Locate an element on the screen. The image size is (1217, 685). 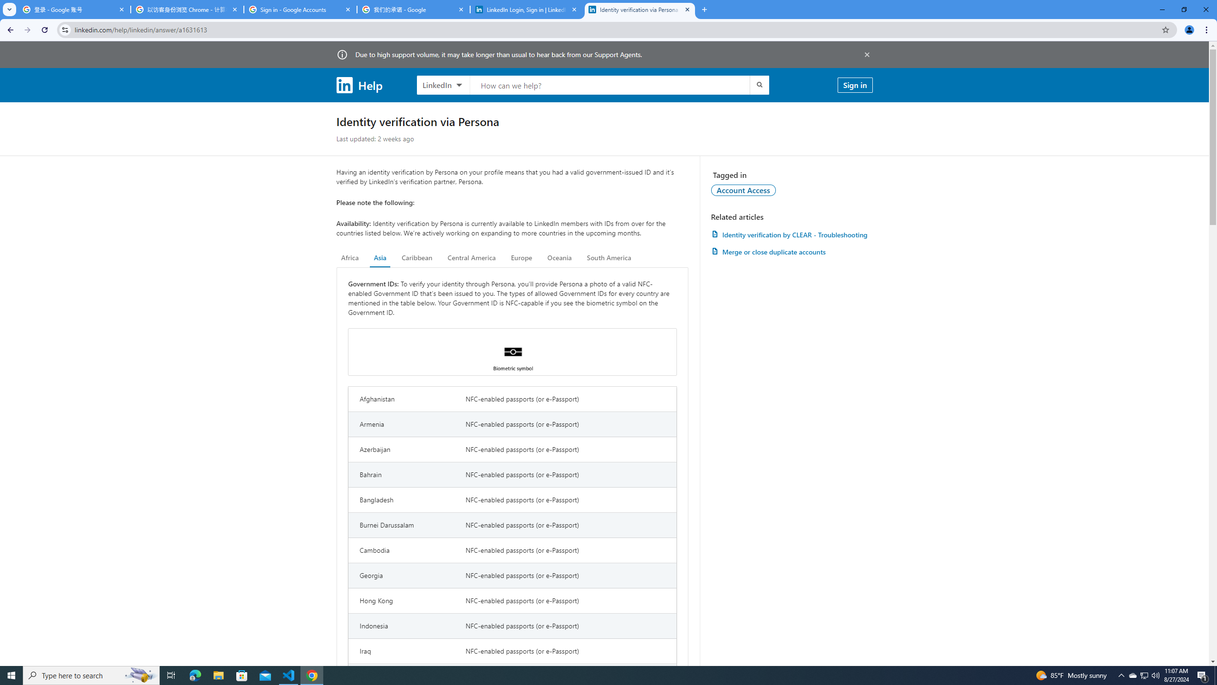
'Central America' is located at coordinates (471, 257).